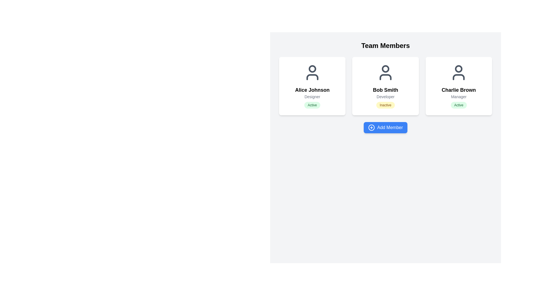 The width and height of the screenshot is (538, 303). I want to click on the first User profile card displaying information about a team member, located in the grid under the header 'Team Members', so click(312, 86).